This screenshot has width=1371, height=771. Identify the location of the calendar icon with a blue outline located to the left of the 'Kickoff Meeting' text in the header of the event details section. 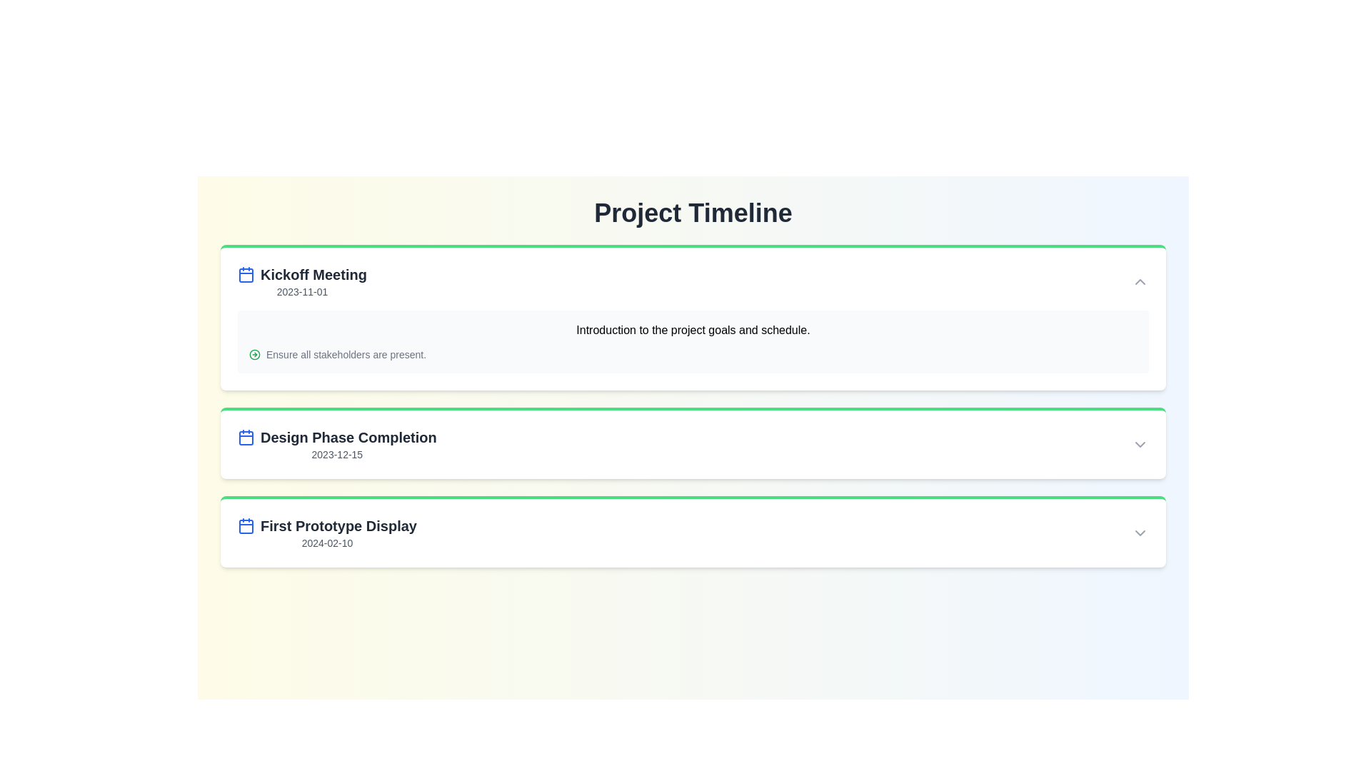
(246, 275).